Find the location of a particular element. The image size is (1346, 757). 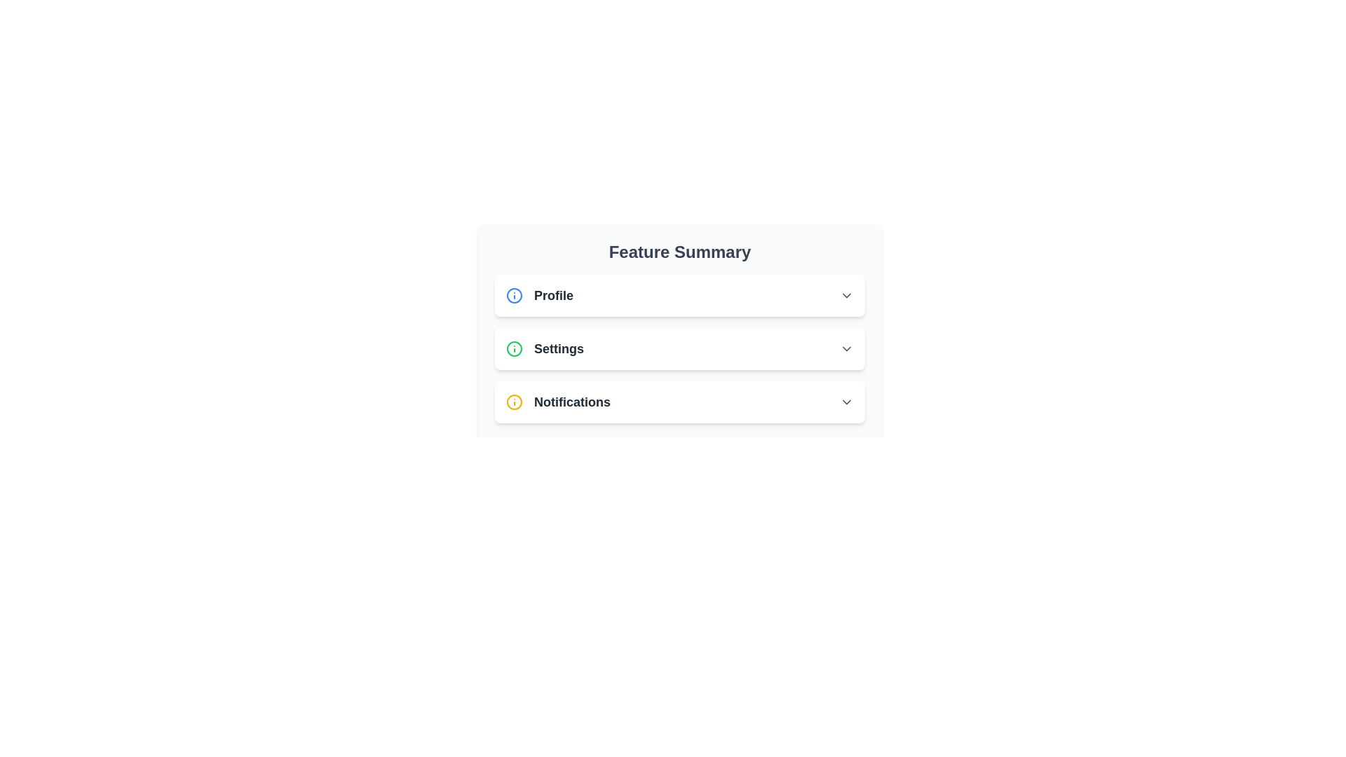

the circular SVG icon with a green border and red marker located to the left of the 'Settings' label in the second row of the interface is located at coordinates (514, 348).